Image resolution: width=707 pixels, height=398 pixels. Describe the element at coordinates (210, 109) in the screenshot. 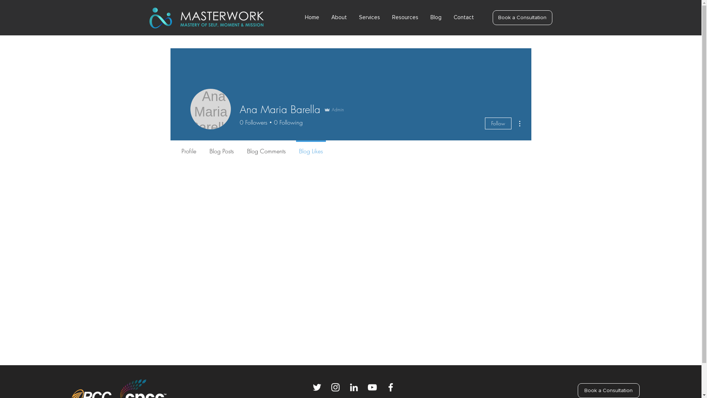

I see `'Ana Maria Barella'` at that location.